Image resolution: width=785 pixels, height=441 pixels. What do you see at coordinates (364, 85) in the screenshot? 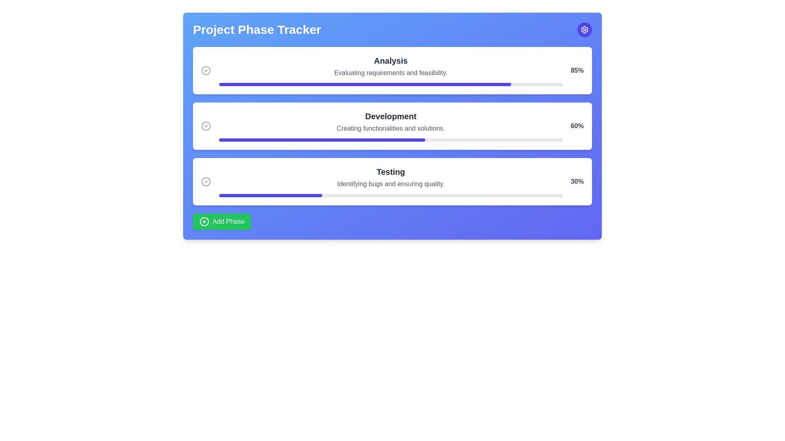
I see `the indigo progress bar representing 85% completion in the 'Analysis' phase at the top of the progress bars` at bounding box center [364, 85].